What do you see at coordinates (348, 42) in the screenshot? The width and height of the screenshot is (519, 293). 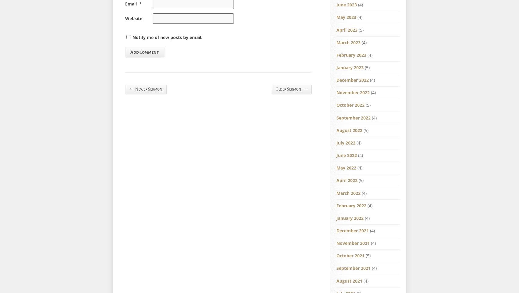 I see `'March 2023'` at bounding box center [348, 42].